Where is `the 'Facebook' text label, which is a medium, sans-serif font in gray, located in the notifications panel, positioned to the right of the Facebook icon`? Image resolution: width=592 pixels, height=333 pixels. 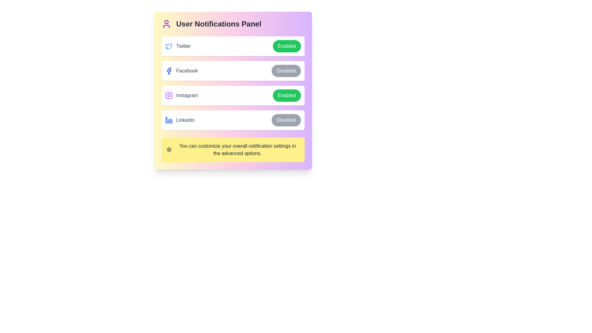 the 'Facebook' text label, which is a medium, sans-serif font in gray, located in the notifications panel, positioned to the right of the Facebook icon is located at coordinates (187, 71).